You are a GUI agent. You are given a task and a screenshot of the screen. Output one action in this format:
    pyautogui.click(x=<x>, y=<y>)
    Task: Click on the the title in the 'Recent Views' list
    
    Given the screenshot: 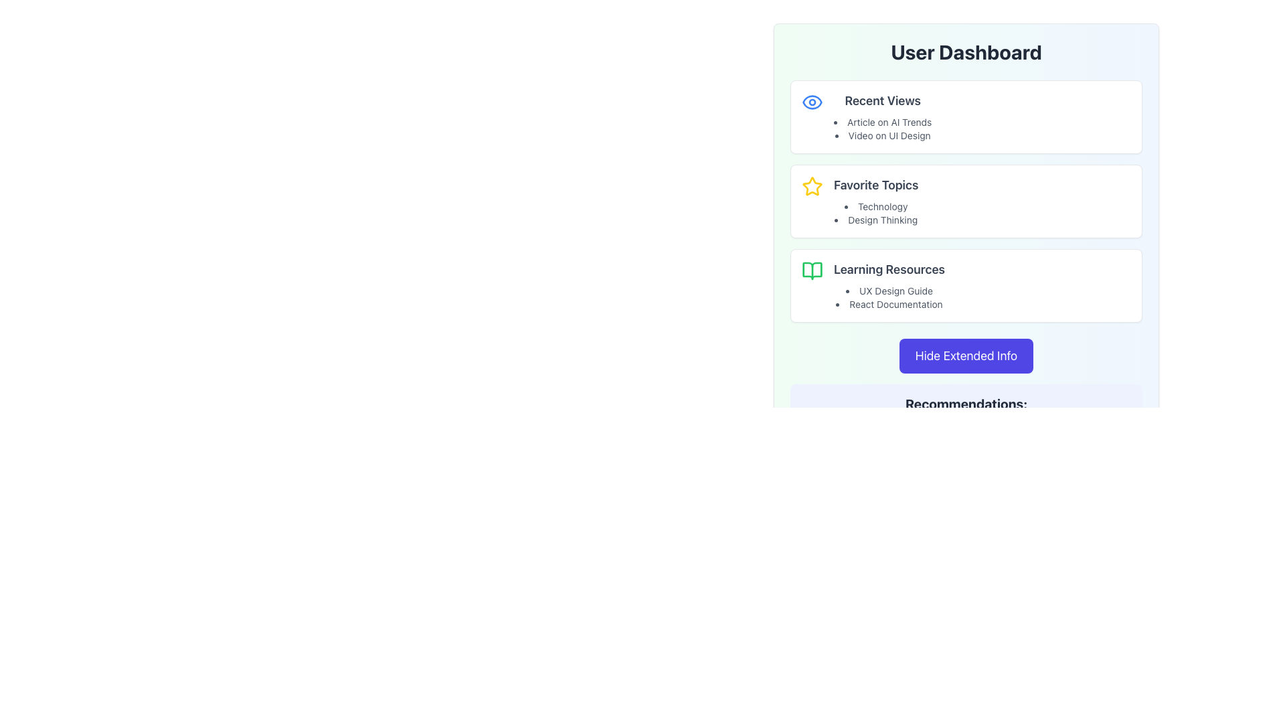 What is the action you would take?
    pyautogui.click(x=883, y=129)
    